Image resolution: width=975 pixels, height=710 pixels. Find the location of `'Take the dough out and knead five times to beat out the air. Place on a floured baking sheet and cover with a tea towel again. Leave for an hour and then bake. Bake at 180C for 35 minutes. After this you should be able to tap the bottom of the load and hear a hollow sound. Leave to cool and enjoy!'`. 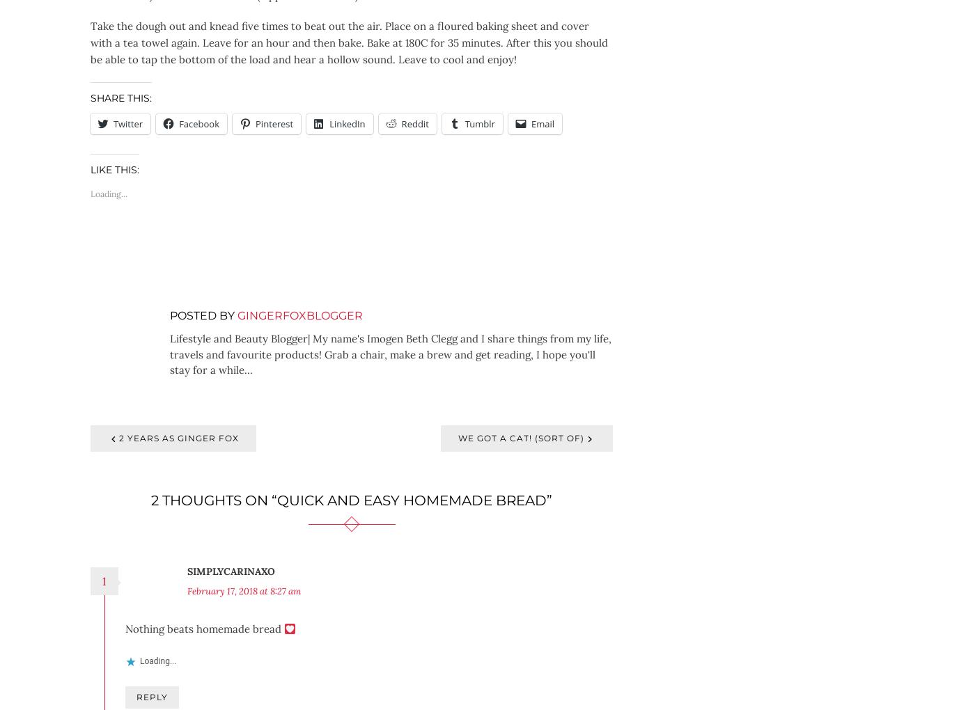

'Take the dough out and knead five times to beat out the air. Place on a floured baking sheet and cover with a tea towel again. Leave for an hour and then bake. Bake at 180C for 35 minutes. After this you should be able to tap the bottom of the load and hear a hollow sound. Leave to cool and enjoy!' is located at coordinates (349, 42).